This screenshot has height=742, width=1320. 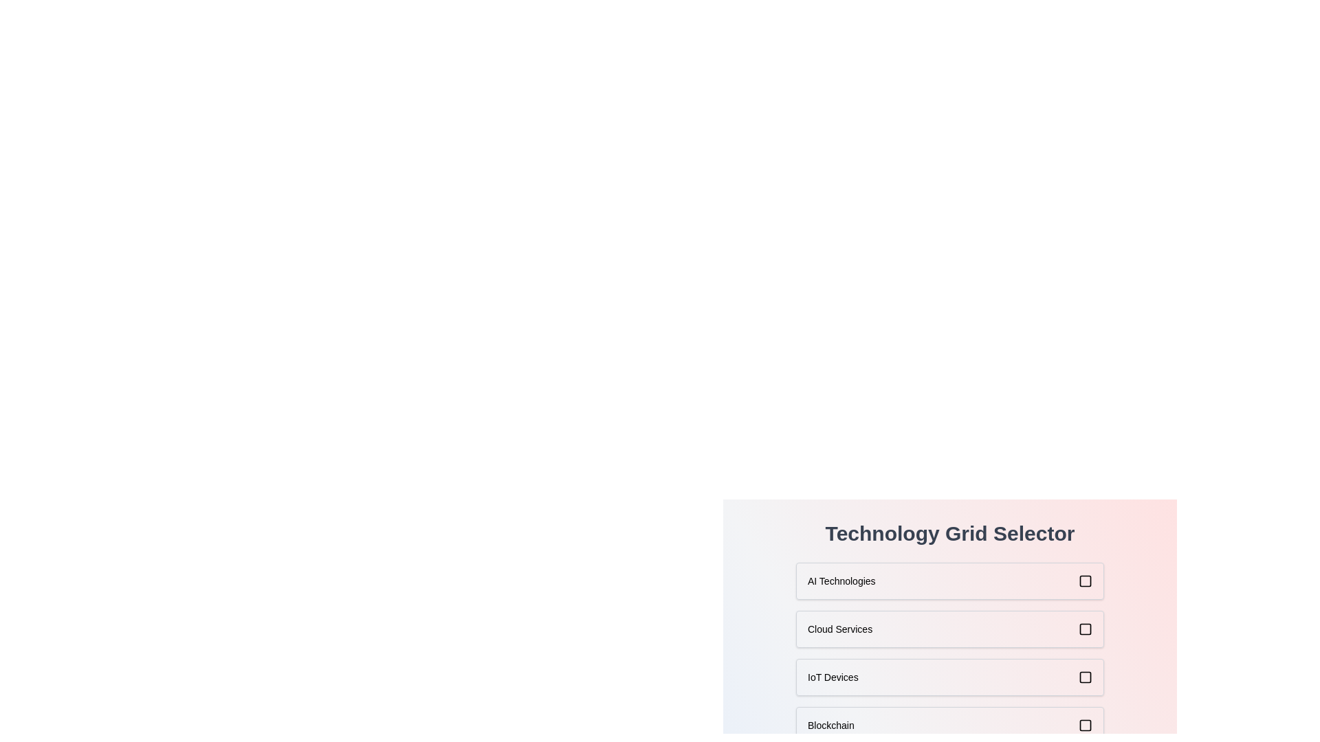 I want to click on the item labeled Cloud Services in the grid to select it, so click(x=949, y=629).